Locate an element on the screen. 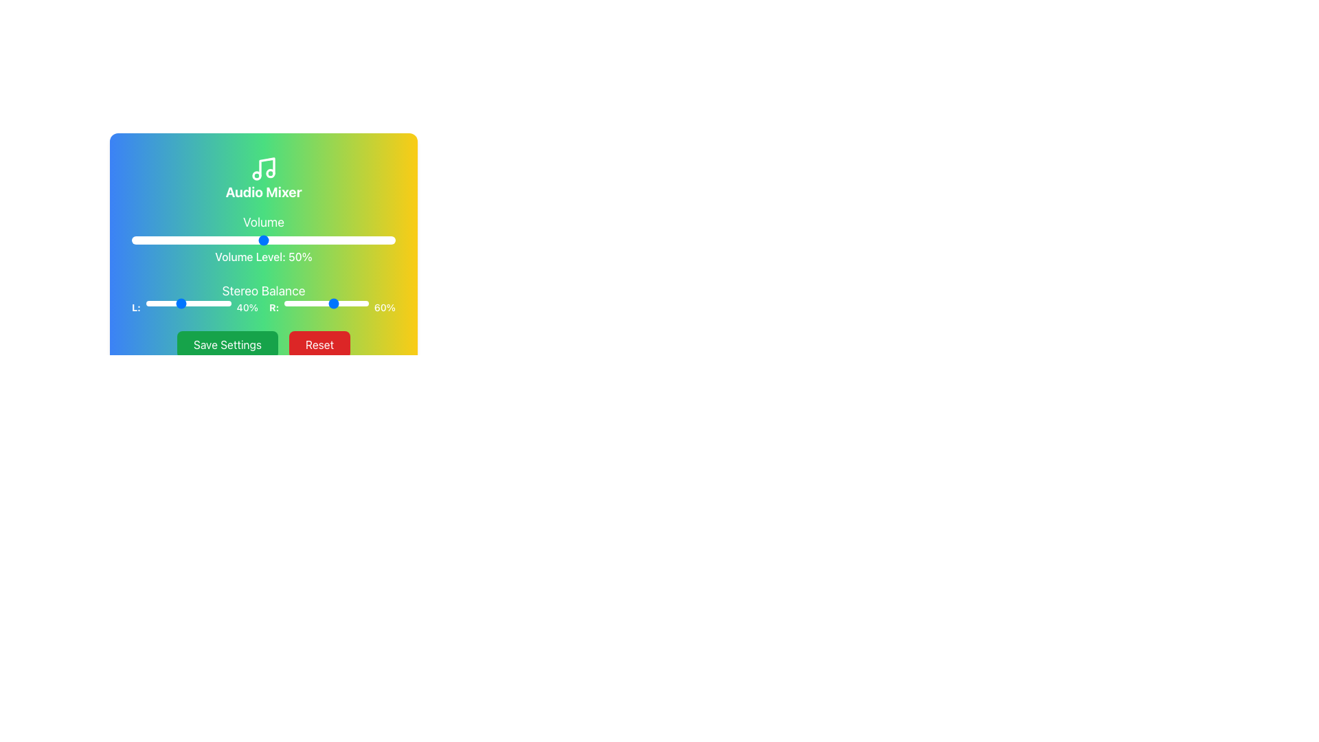  the volume is located at coordinates (247, 240).